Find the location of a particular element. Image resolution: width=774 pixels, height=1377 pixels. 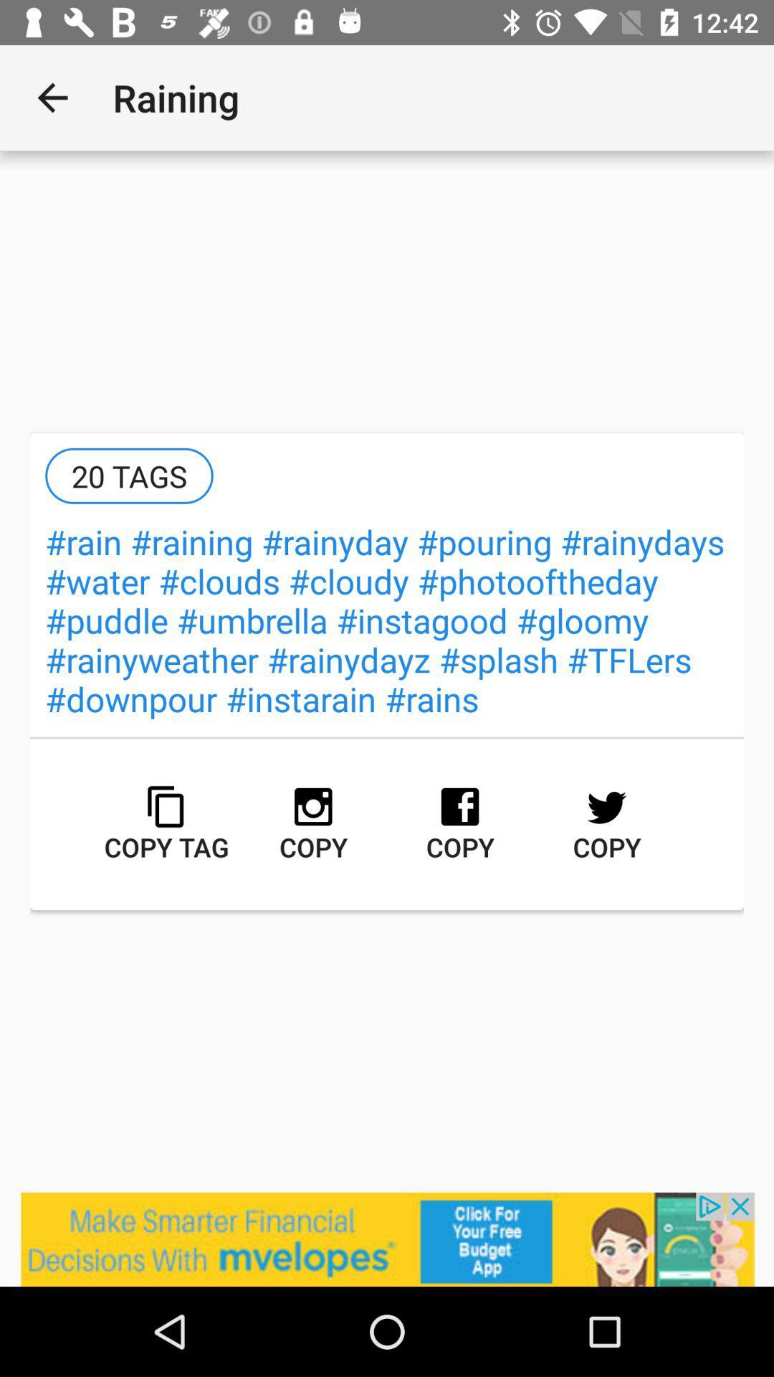

hashtags for instagram is located at coordinates (387, 1239).